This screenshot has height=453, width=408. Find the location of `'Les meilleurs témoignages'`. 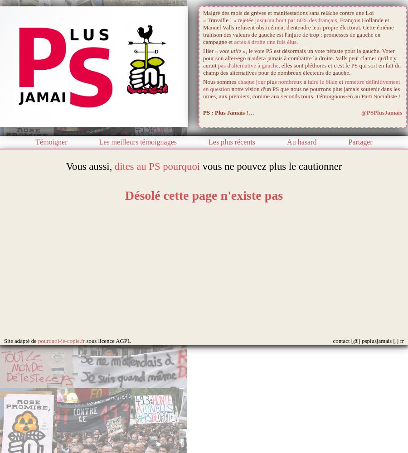

'Les meilleurs témoignages' is located at coordinates (98, 141).